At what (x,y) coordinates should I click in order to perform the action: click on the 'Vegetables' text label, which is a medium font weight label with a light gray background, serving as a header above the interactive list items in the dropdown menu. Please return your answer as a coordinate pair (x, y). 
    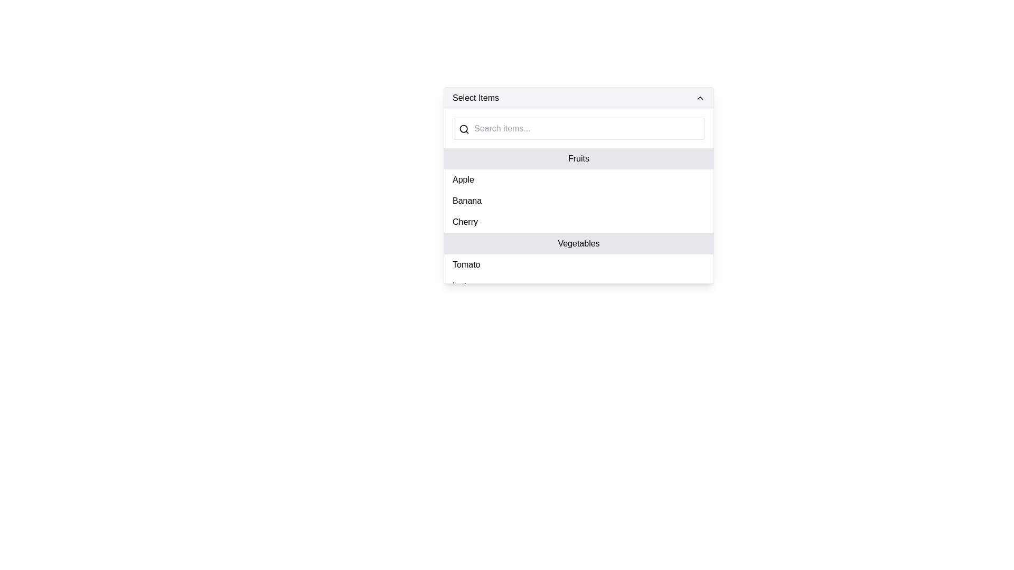
    Looking at the image, I should click on (578, 244).